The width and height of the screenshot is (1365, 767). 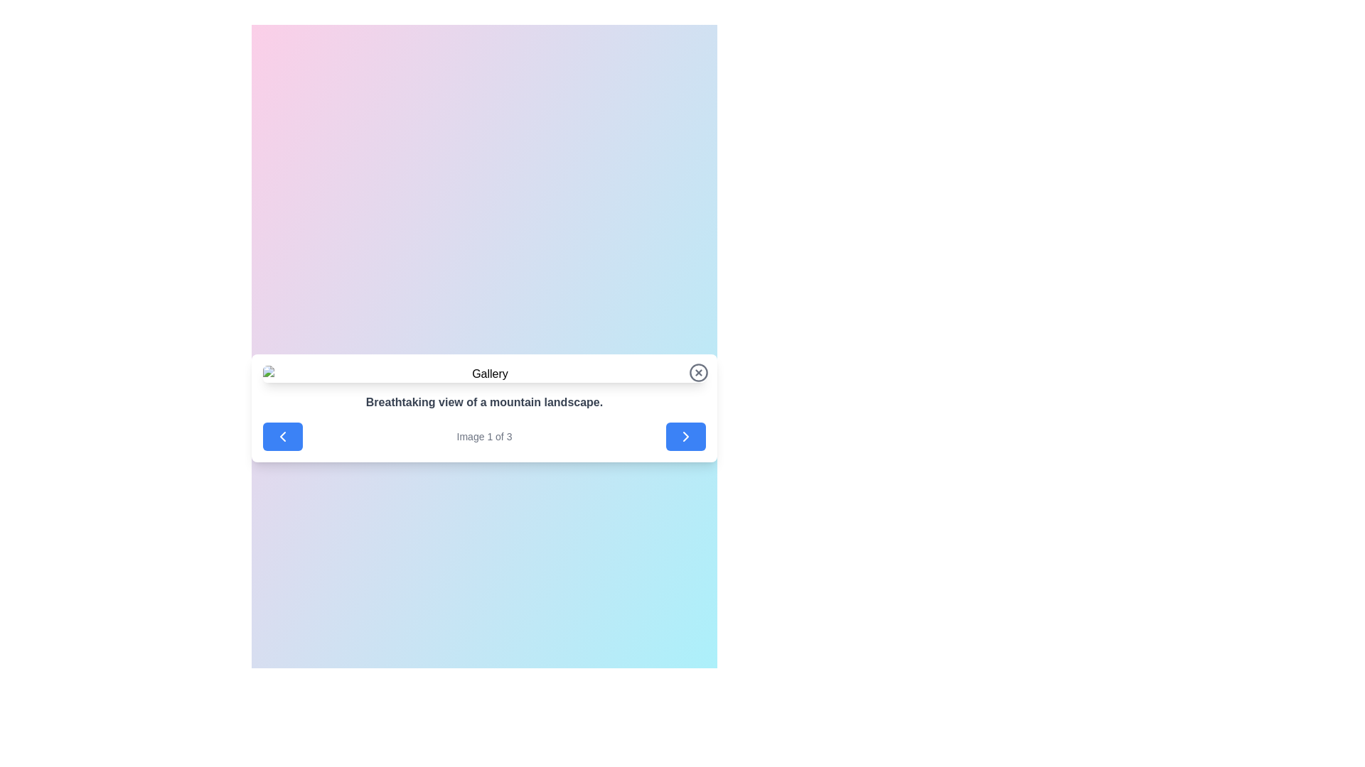 I want to click on the navigation control icon located at the bottom-right corner of the 'Gallery' dialog box to proceed to the next item or step in the sequence, so click(x=685, y=435).